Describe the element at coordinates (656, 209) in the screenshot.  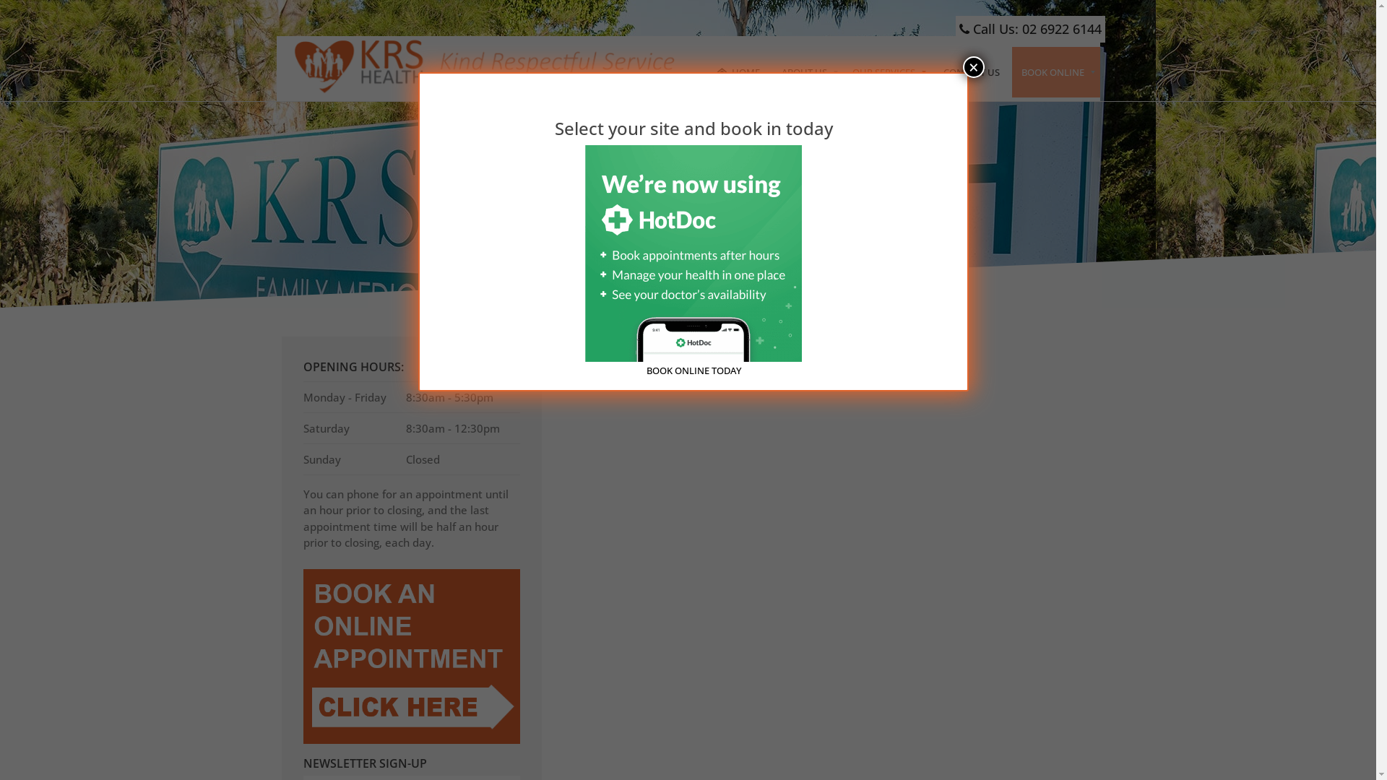
I see `'Home'` at that location.